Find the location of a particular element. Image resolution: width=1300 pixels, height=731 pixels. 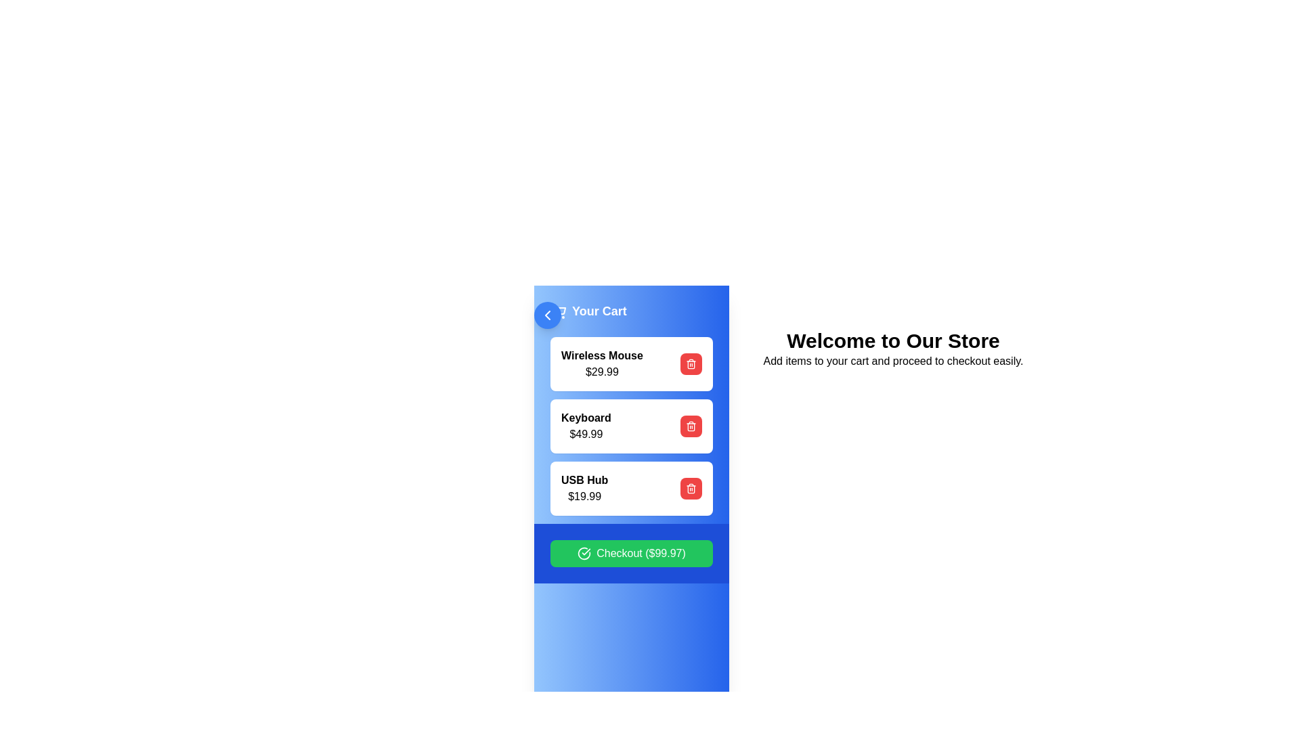

text label displaying the price of the product 'Wireless Mouse', located below the product title in the shopping cart section is located at coordinates (601, 372).